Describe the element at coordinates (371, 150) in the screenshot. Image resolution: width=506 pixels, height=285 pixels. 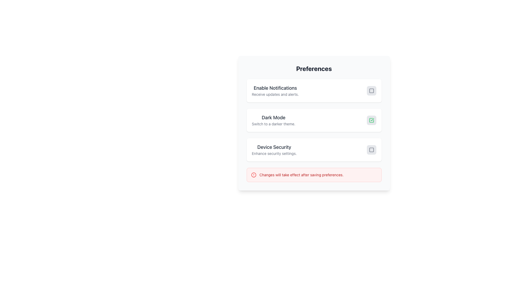
I see `the Device Security action button located on the right side of the 'Device Security' option within the Preferences panel` at that location.